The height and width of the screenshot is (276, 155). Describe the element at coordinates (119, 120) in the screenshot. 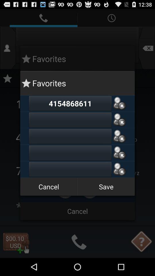

I see `number to favourites` at that location.